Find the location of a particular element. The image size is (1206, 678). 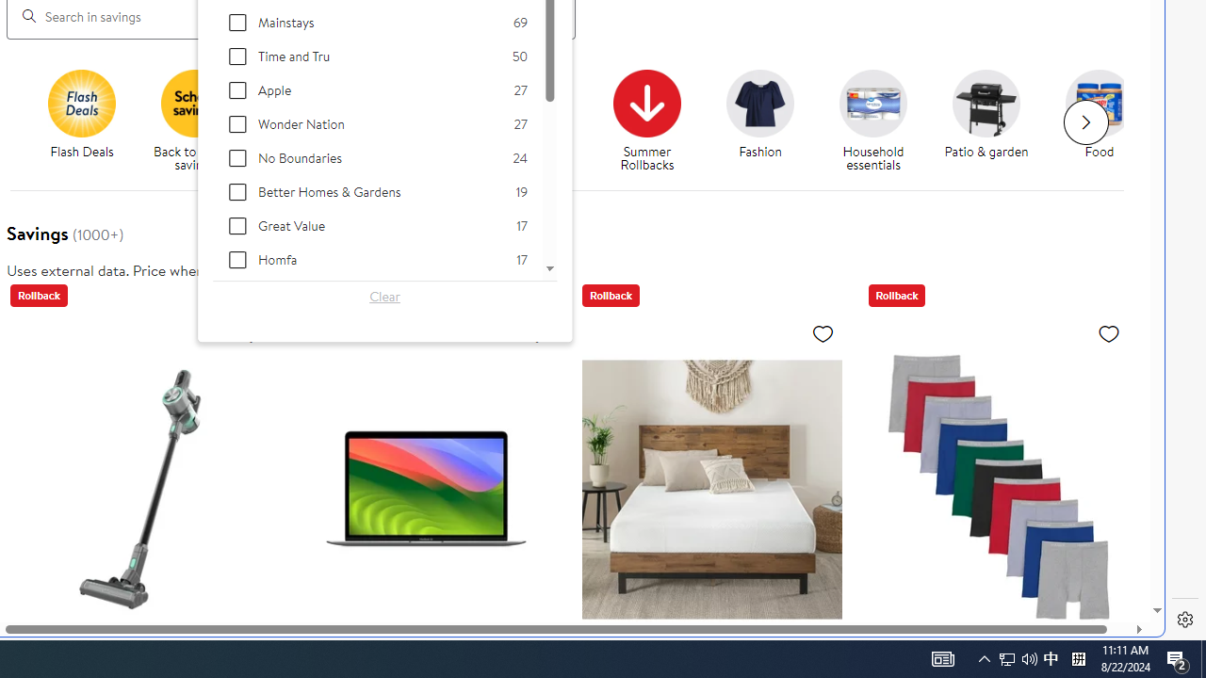

'Household essentials' is located at coordinates (872, 103).